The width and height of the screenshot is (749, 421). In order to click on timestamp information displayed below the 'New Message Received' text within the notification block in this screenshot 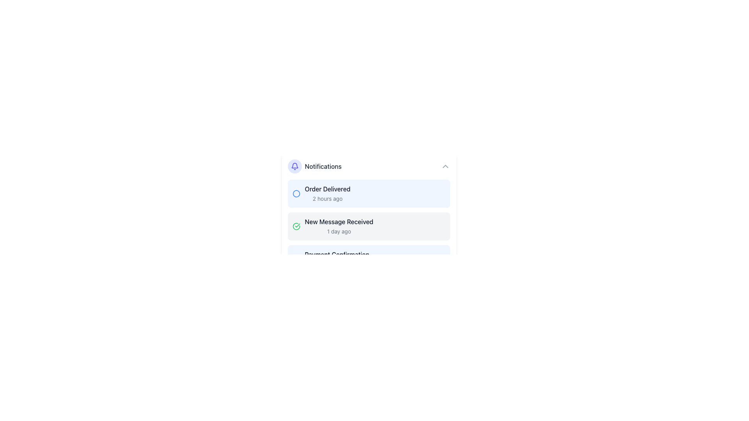, I will do `click(339, 231)`.